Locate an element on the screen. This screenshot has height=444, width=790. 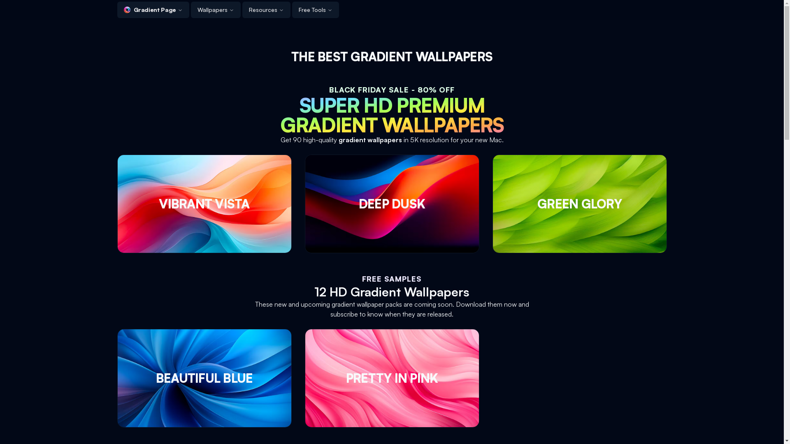
'BEAUTIFUL BLUE' is located at coordinates (204, 378).